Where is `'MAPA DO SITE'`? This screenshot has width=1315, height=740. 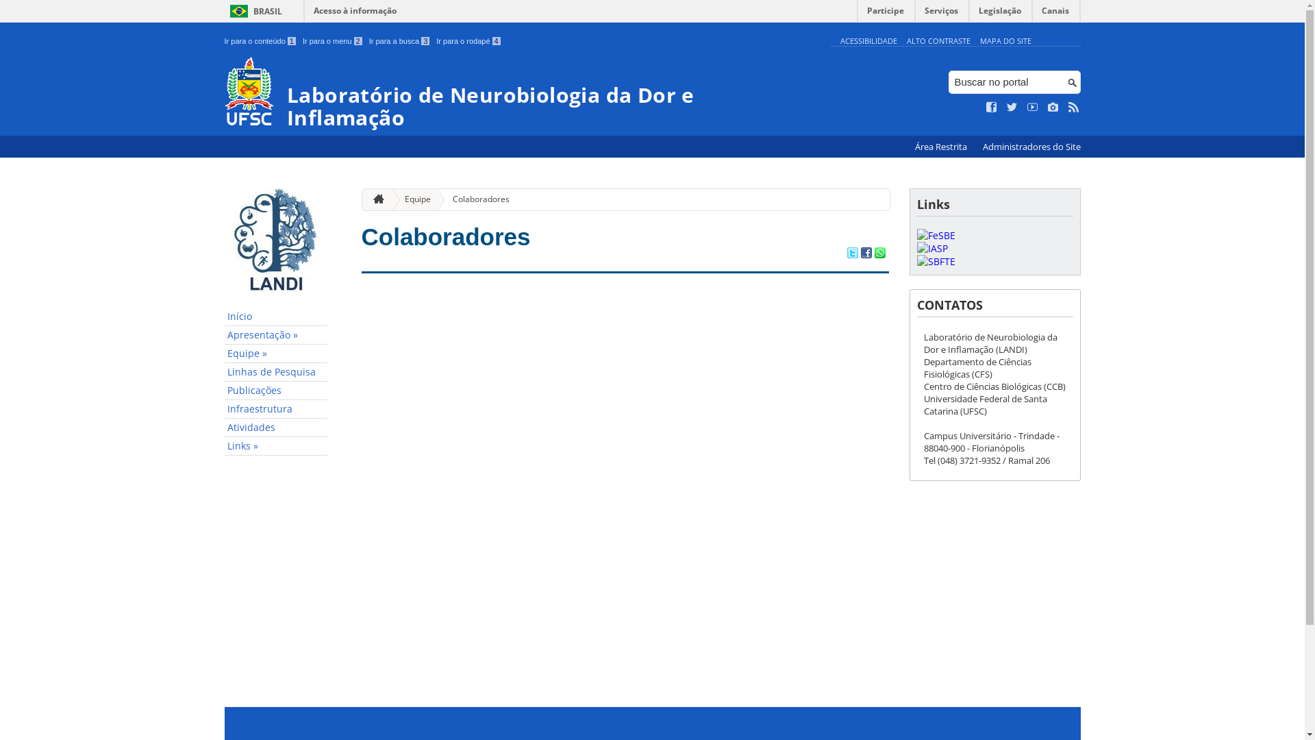 'MAPA DO SITE' is located at coordinates (1005, 40).